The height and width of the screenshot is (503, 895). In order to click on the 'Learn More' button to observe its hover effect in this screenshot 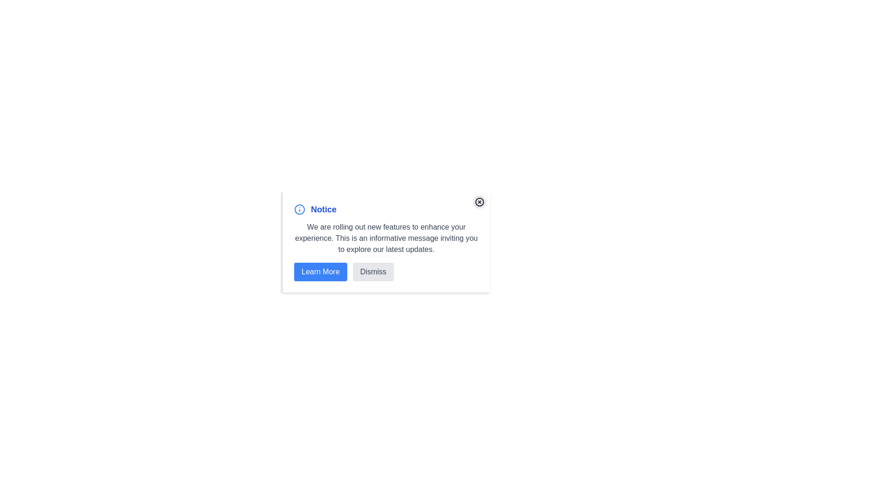, I will do `click(320, 272)`.